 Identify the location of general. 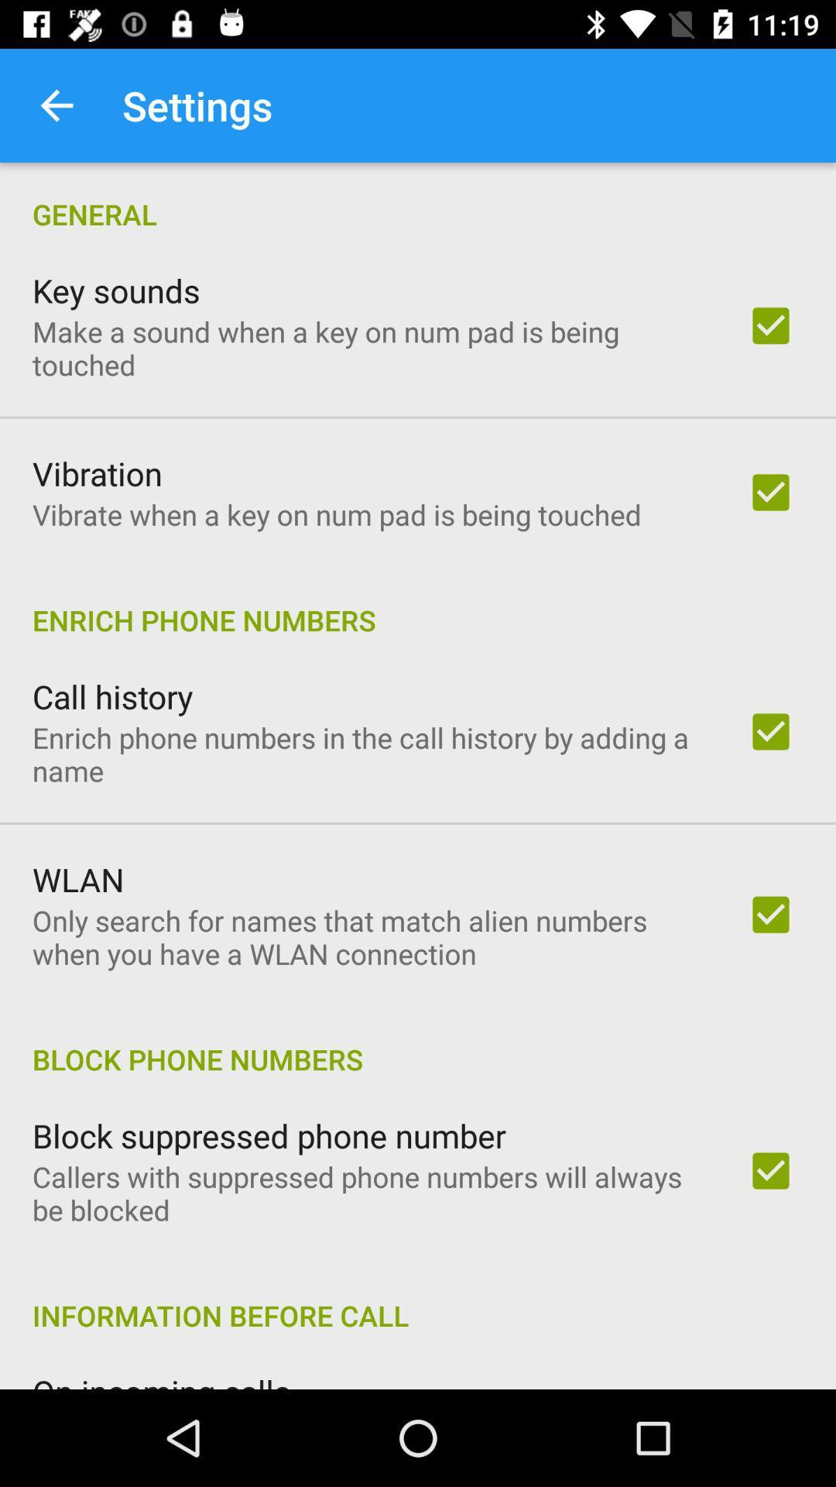
(418, 197).